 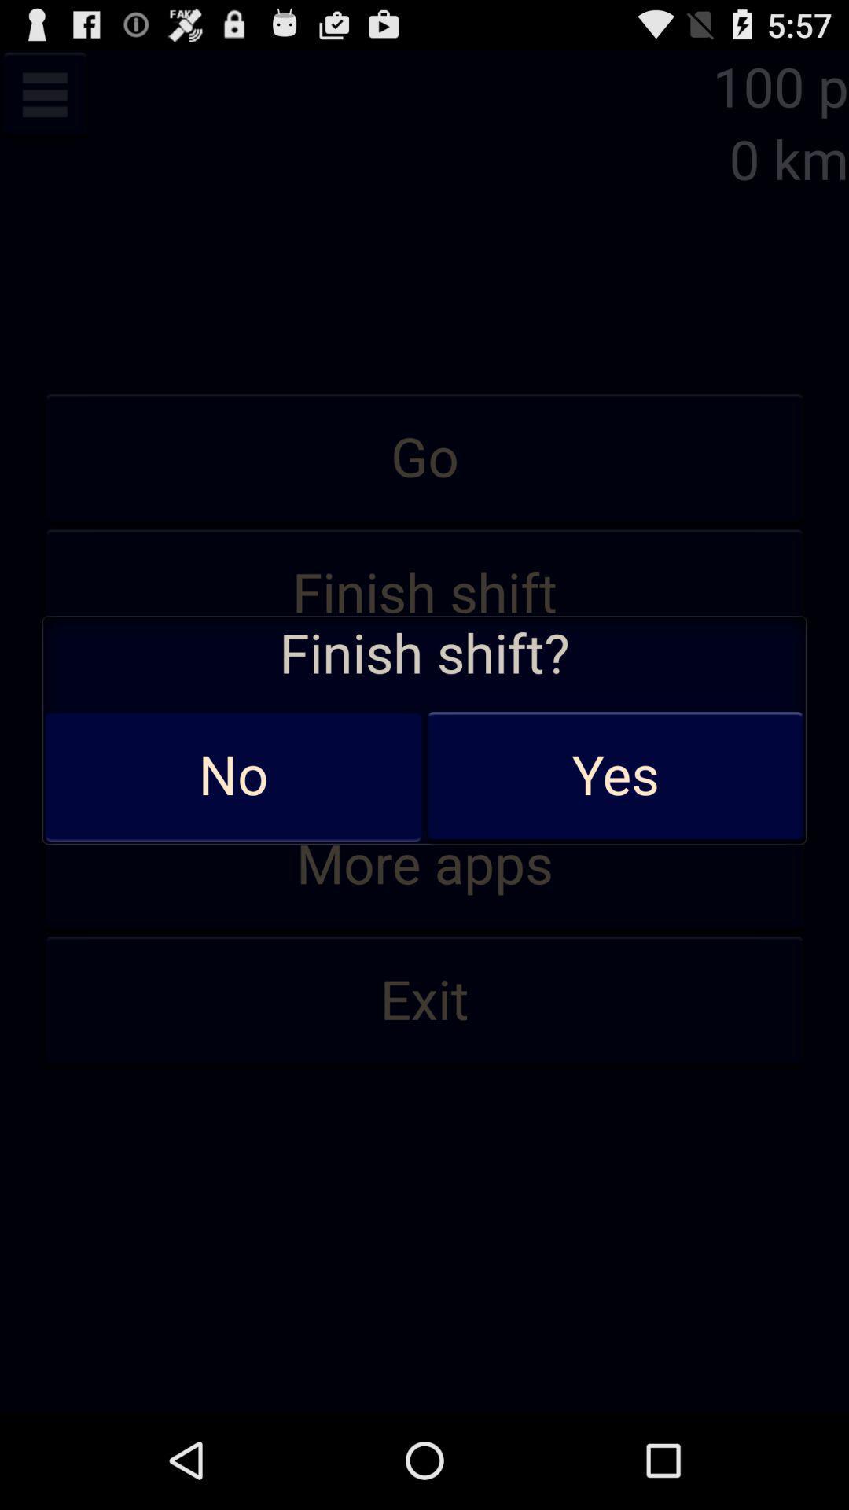 I want to click on the icon below the finish shift? item, so click(x=233, y=776).